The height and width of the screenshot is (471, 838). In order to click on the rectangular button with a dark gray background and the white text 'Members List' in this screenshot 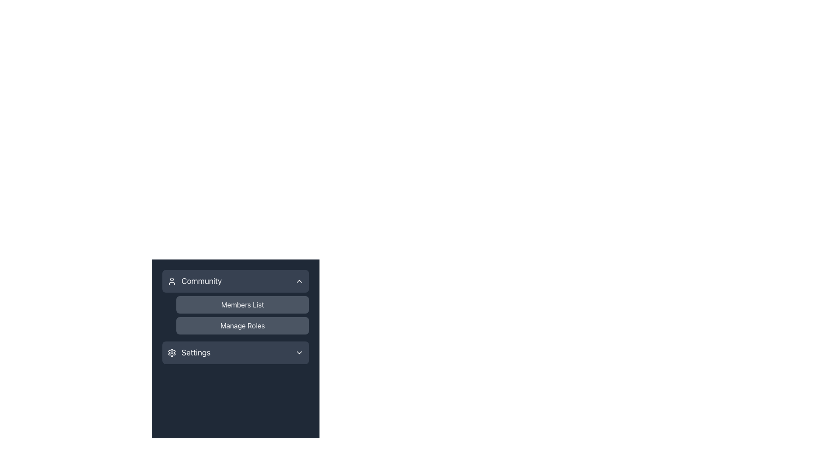, I will do `click(243, 304)`.